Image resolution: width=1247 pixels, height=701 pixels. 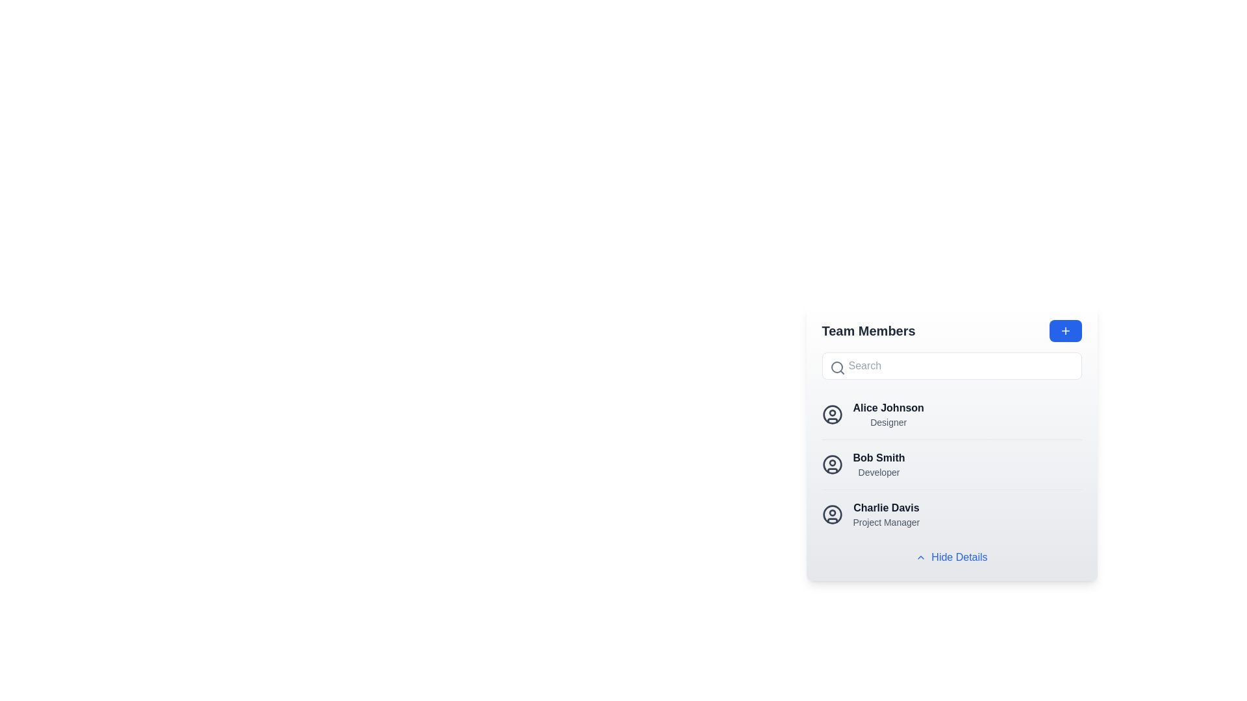 I want to click on the text label displaying the name of a team member, located in the second list item under the 'Team Members' heading, above the text 'Developer' and next to the corresponding avatar icon, so click(x=879, y=457).